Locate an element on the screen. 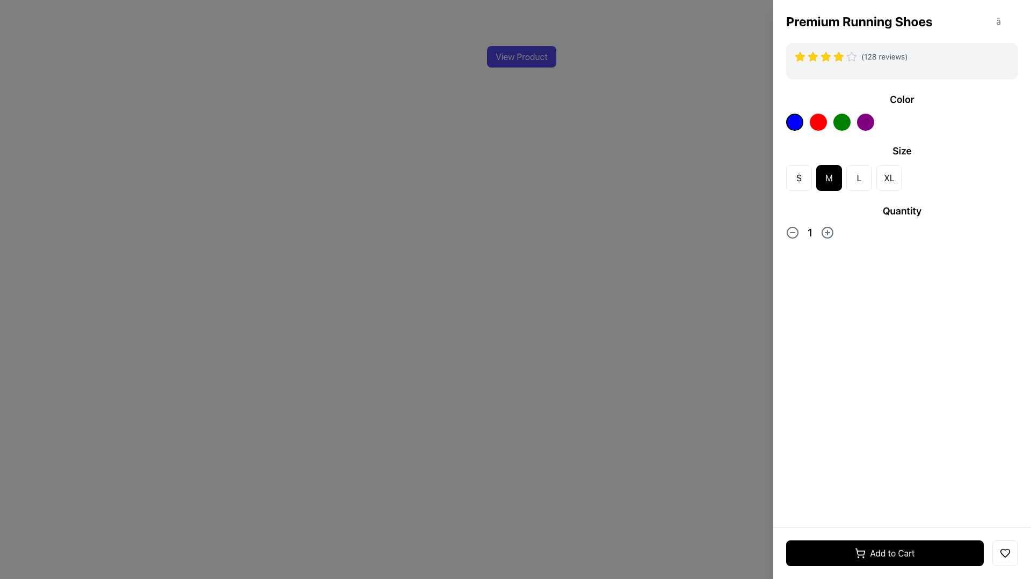 The image size is (1031, 579). the circular button with a horizontal line in the 'Quantity' section to decrease the quantity is located at coordinates (793, 232).